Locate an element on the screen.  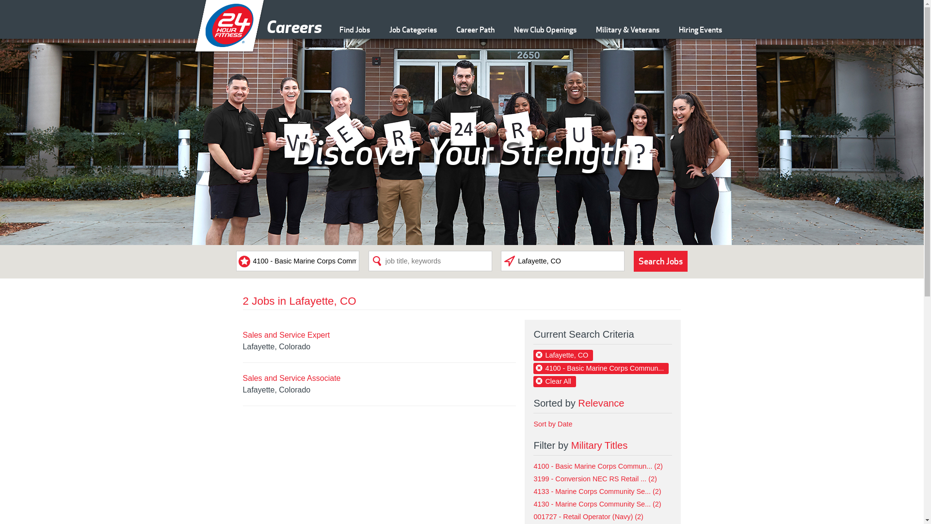
'Lafayette, CO' is located at coordinates (563, 355).